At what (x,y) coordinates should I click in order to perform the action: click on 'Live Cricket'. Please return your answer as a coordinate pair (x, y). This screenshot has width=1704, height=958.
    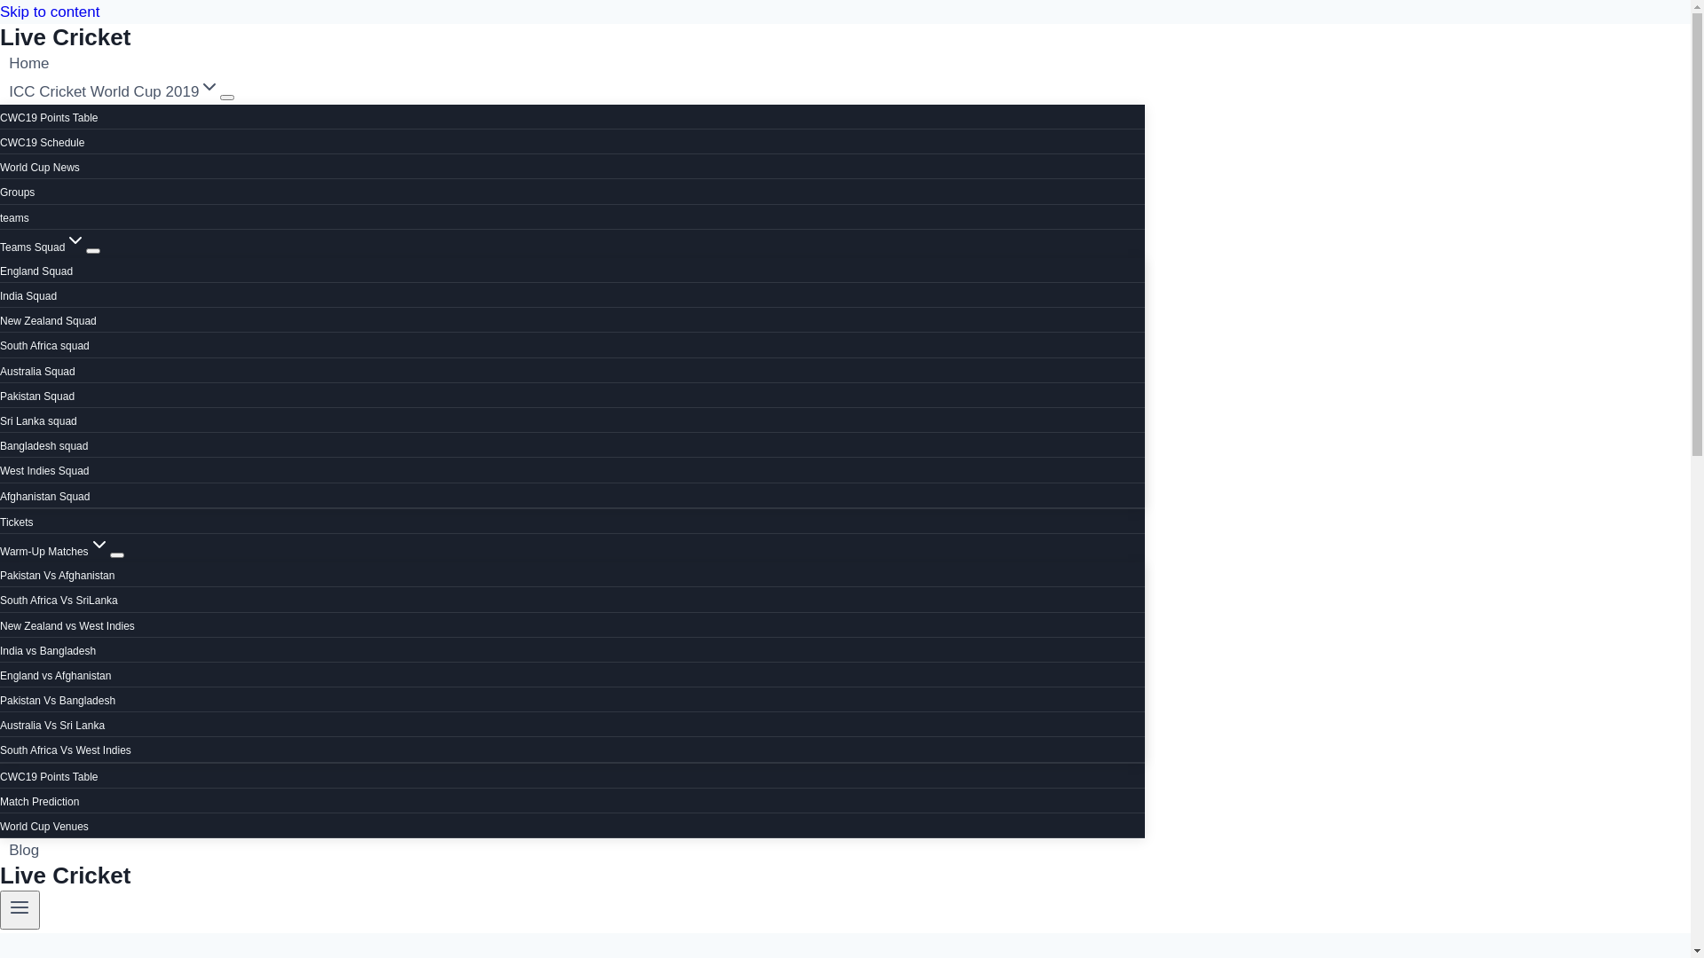
    Looking at the image, I should click on (572, 875).